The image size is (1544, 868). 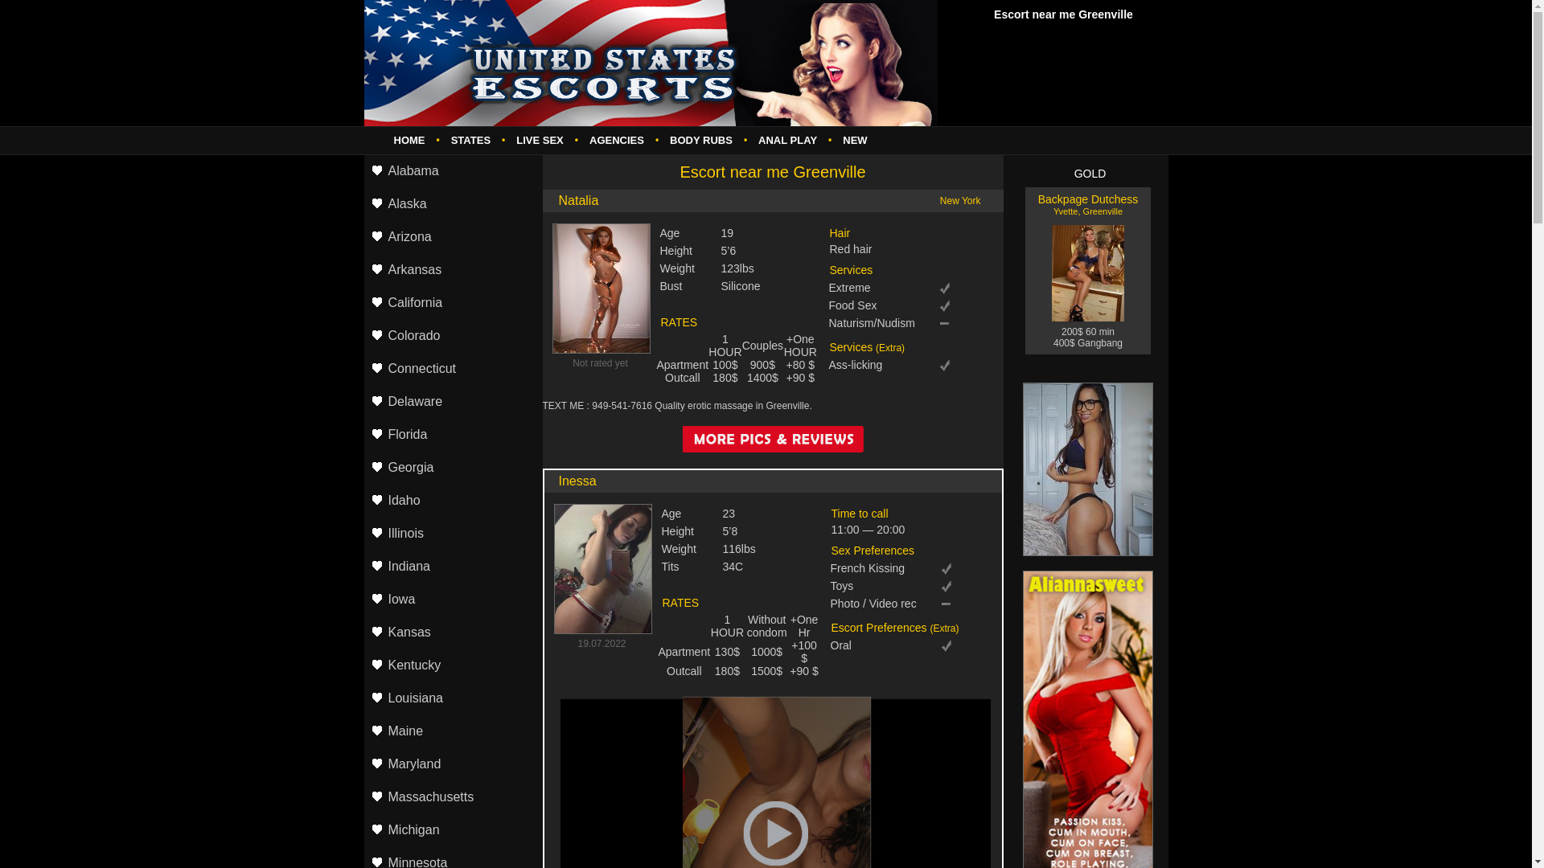 I want to click on 'Maine', so click(x=450, y=731).